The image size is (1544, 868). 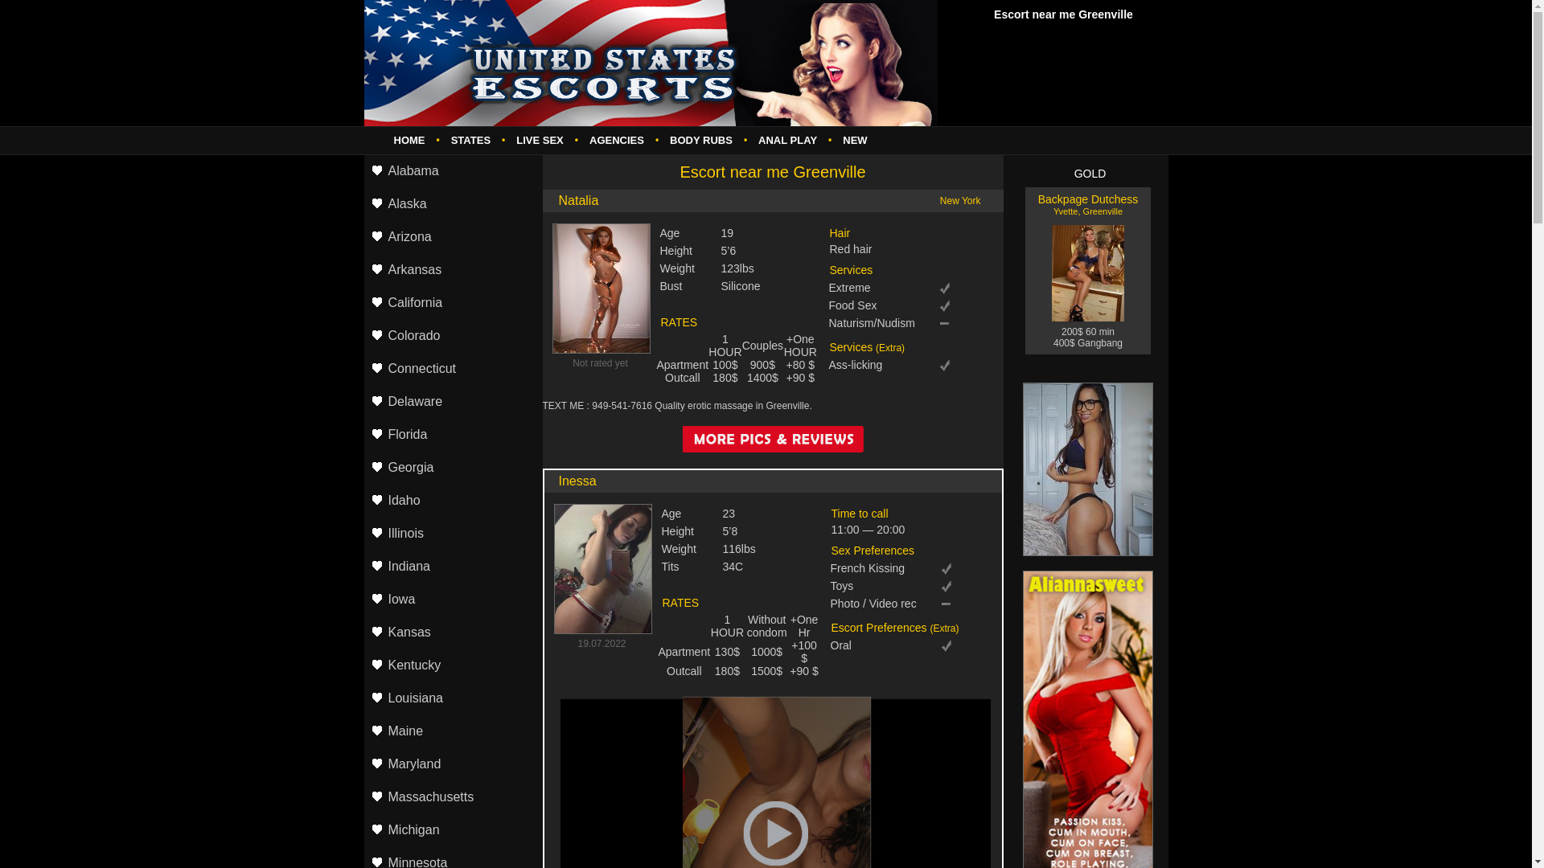 I want to click on 'Maine', so click(x=450, y=731).